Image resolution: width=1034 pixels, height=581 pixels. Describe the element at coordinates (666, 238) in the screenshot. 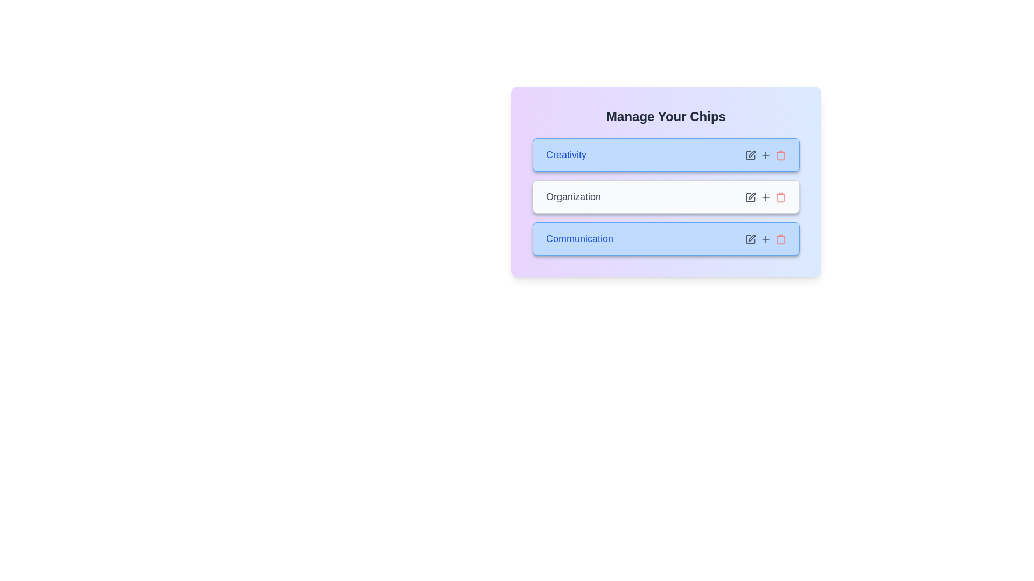

I see `the chip labeled 'Communication'` at that location.